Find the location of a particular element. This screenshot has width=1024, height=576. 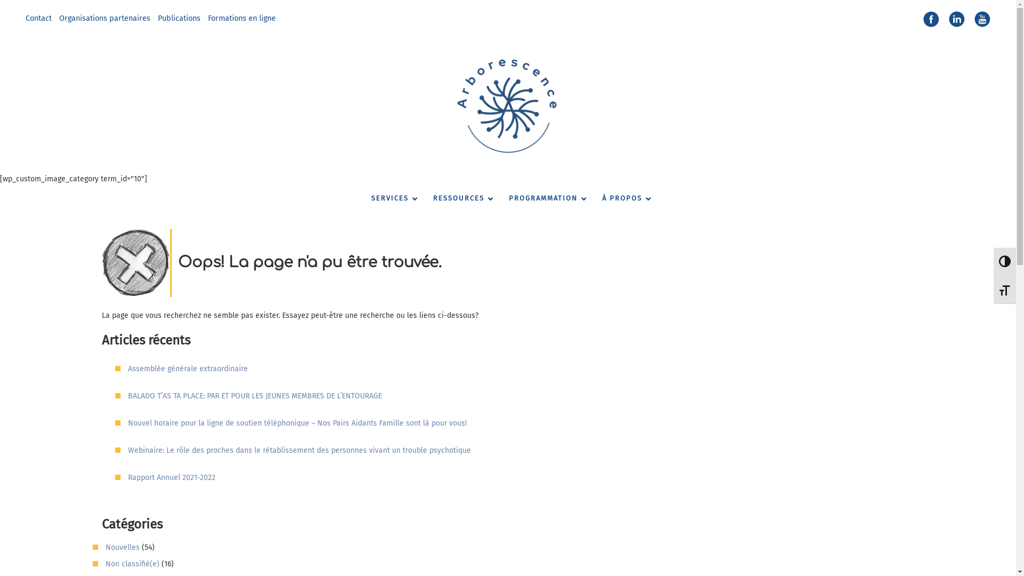

'Publications' is located at coordinates (179, 18).